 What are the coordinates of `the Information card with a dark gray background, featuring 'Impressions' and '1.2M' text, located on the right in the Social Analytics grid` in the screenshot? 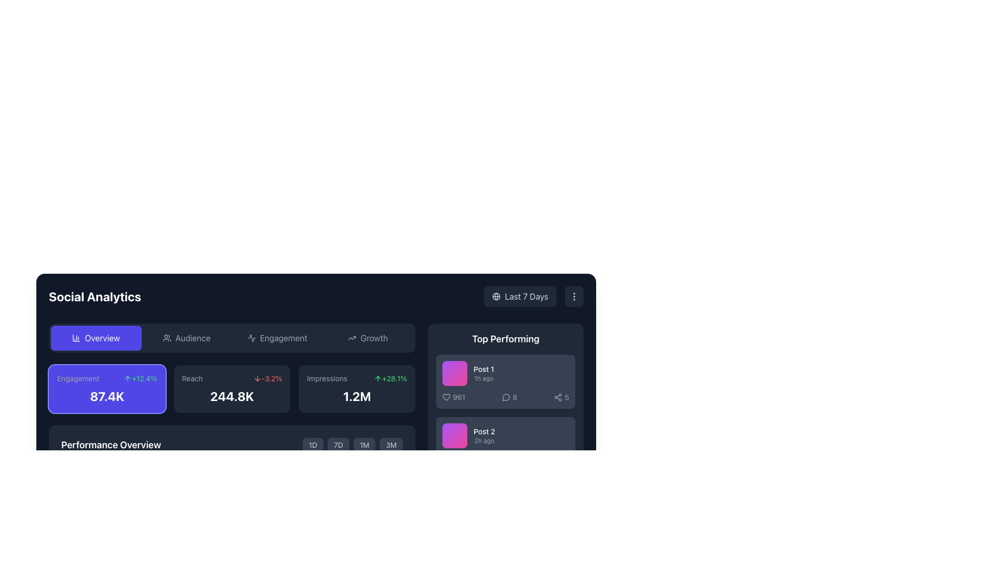 It's located at (357, 389).